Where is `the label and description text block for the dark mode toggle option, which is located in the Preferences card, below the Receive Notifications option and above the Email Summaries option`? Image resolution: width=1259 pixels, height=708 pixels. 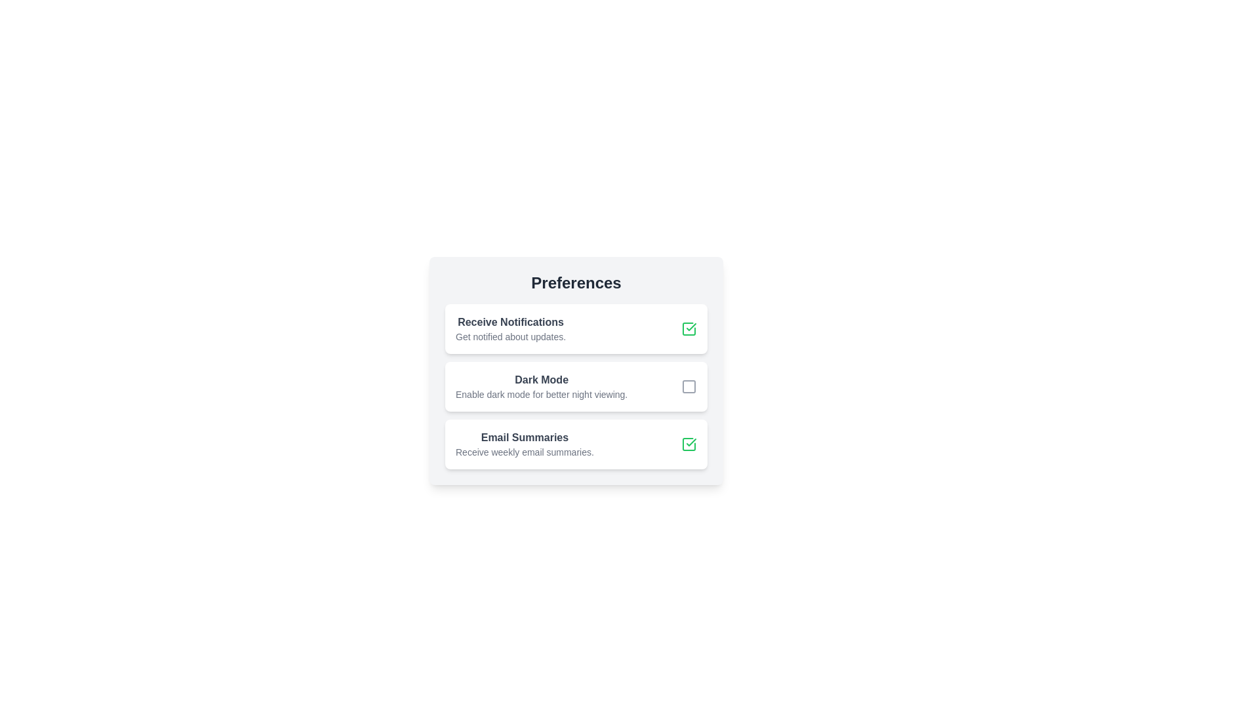
the label and description text block for the dark mode toggle option, which is located in the Preferences card, below the Receive Notifications option and above the Email Summaries option is located at coordinates (542, 386).